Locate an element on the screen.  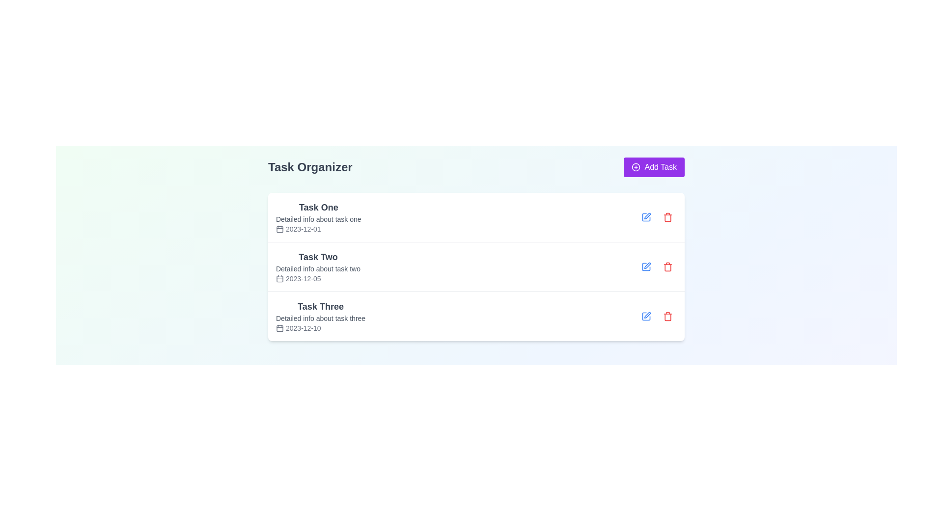
the Date label with icon located at the bottom of the 'Task One' card, which displays the date associated with the task is located at coordinates (318, 229).